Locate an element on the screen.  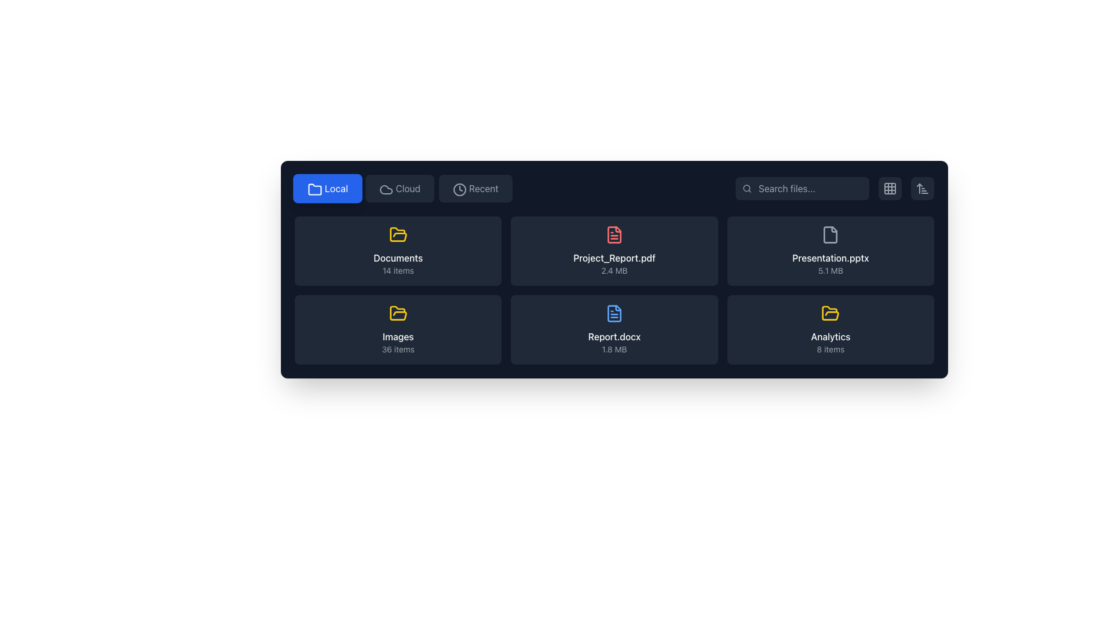
the text-based label element that describes the 'Documents' folder and indicates it contains 14 items, located in the first row and first column of a grid layout in the file management interface is located at coordinates (398, 263).